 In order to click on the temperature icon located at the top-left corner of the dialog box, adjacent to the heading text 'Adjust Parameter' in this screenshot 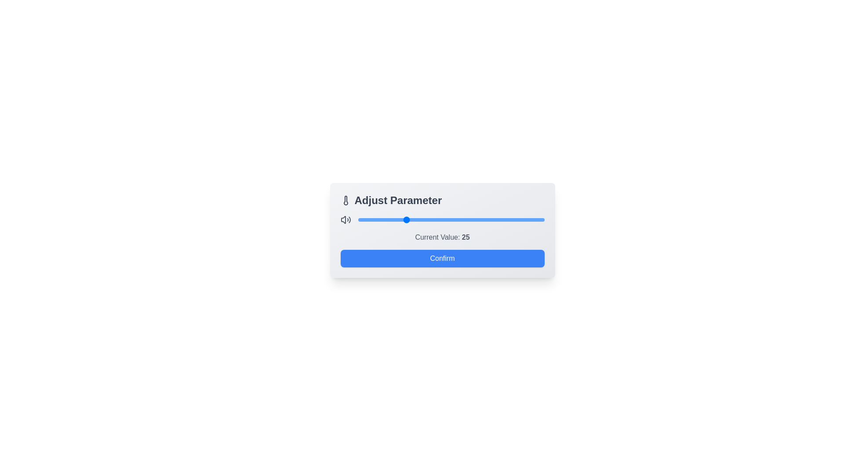, I will do `click(345, 200)`.